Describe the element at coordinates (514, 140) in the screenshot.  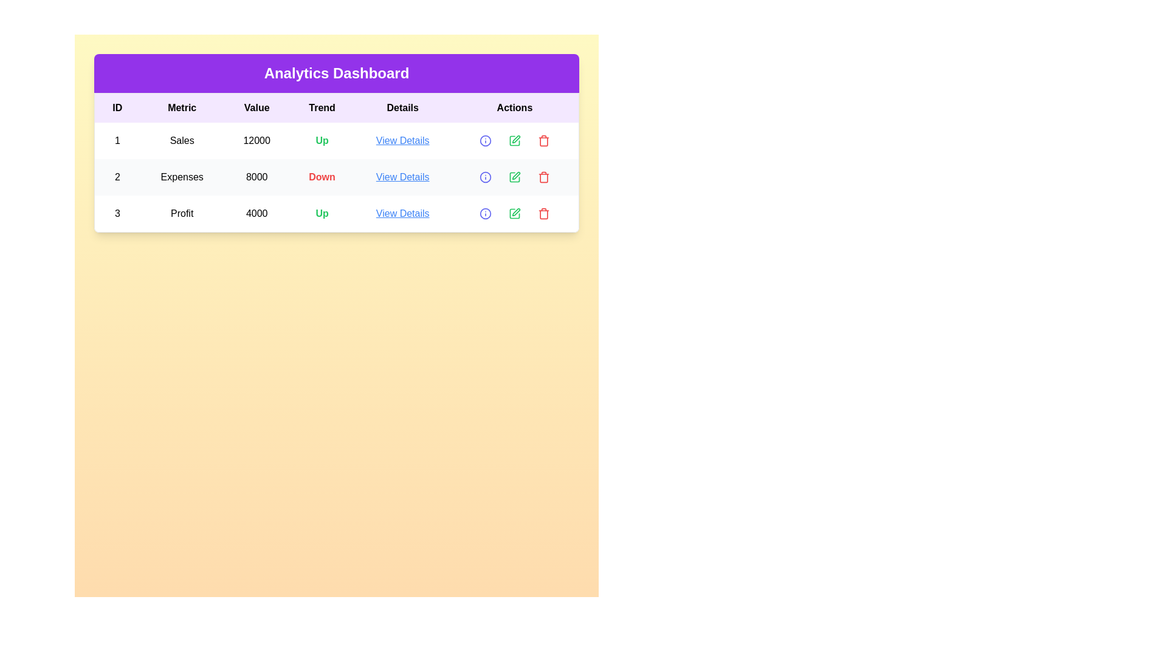
I see `the green square button with an edit icon located in the 'Actions' column of the first row in the table to initiate editing` at that location.